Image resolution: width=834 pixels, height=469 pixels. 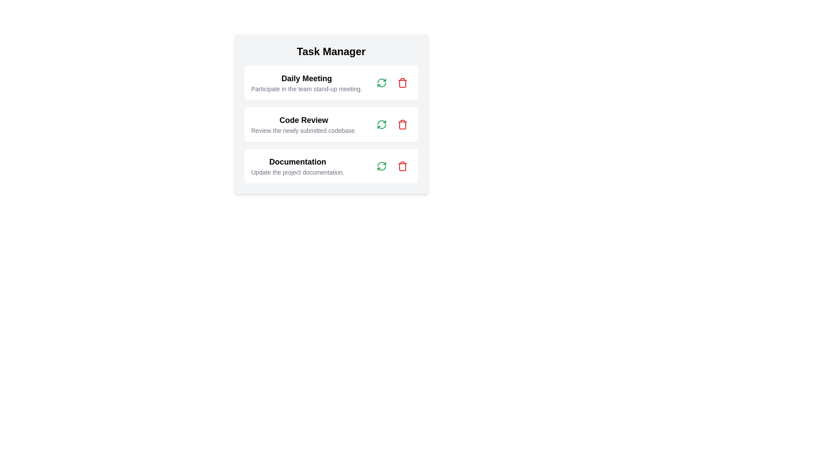 What do you see at coordinates (381, 83) in the screenshot?
I see `the refresh button located to the right of the 'Daily Meeting' task title` at bounding box center [381, 83].